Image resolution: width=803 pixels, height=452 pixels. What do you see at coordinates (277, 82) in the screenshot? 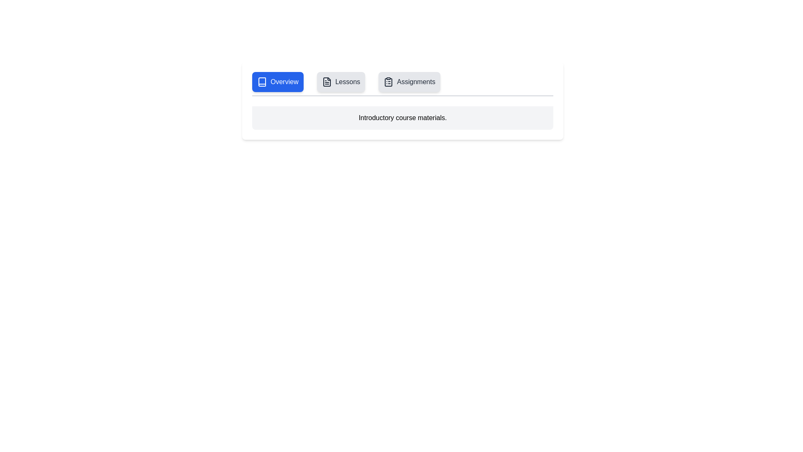
I see `the Overview tab` at bounding box center [277, 82].